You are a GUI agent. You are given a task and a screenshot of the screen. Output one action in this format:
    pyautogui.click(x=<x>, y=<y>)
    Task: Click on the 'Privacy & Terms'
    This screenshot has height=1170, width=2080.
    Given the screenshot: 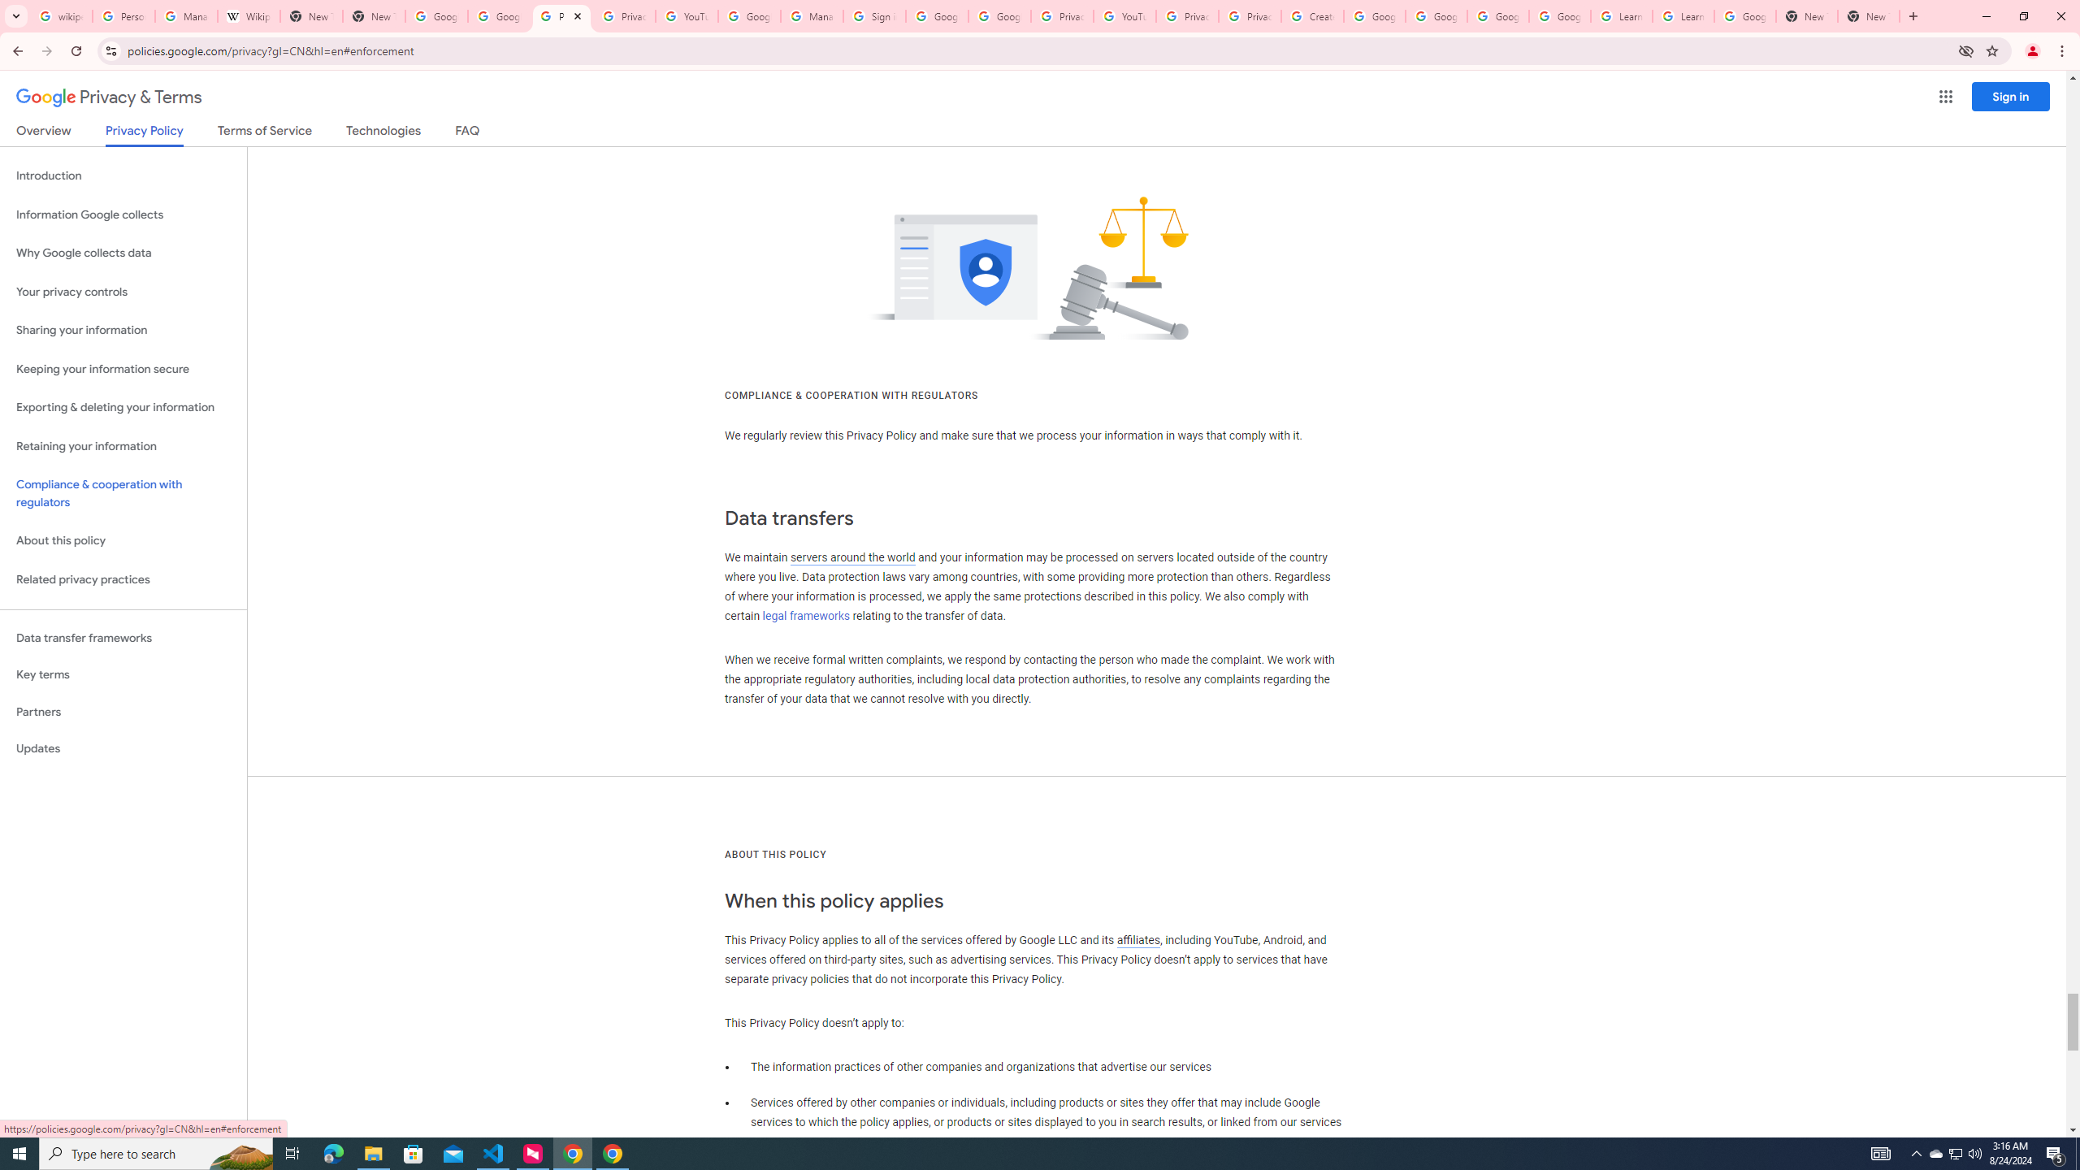 What is the action you would take?
    pyautogui.click(x=109, y=97)
    